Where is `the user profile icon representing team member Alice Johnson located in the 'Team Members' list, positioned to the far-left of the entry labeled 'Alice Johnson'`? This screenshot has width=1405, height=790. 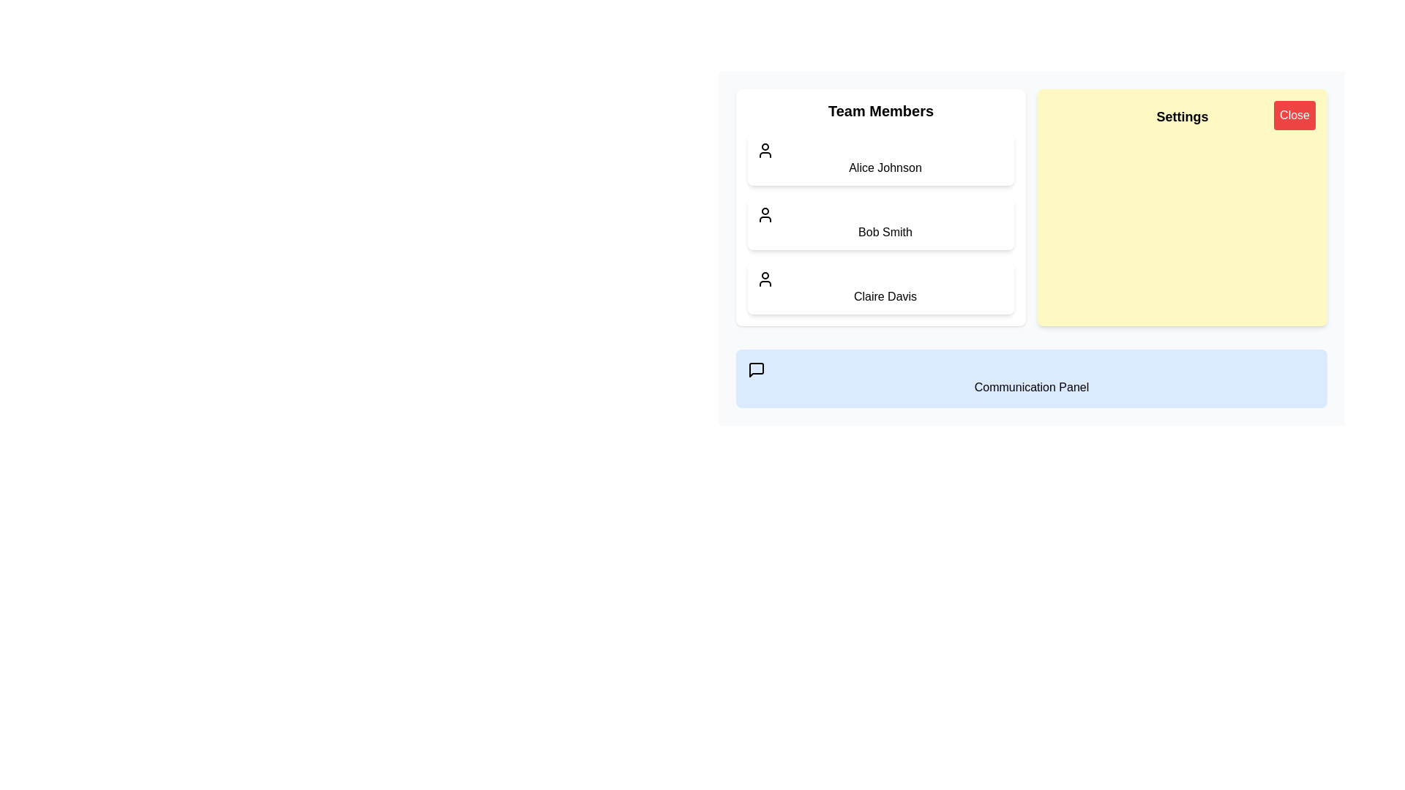
the user profile icon representing team member Alice Johnson located in the 'Team Members' list, positioned to the far-left of the entry labeled 'Alice Johnson' is located at coordinates (765, 150).